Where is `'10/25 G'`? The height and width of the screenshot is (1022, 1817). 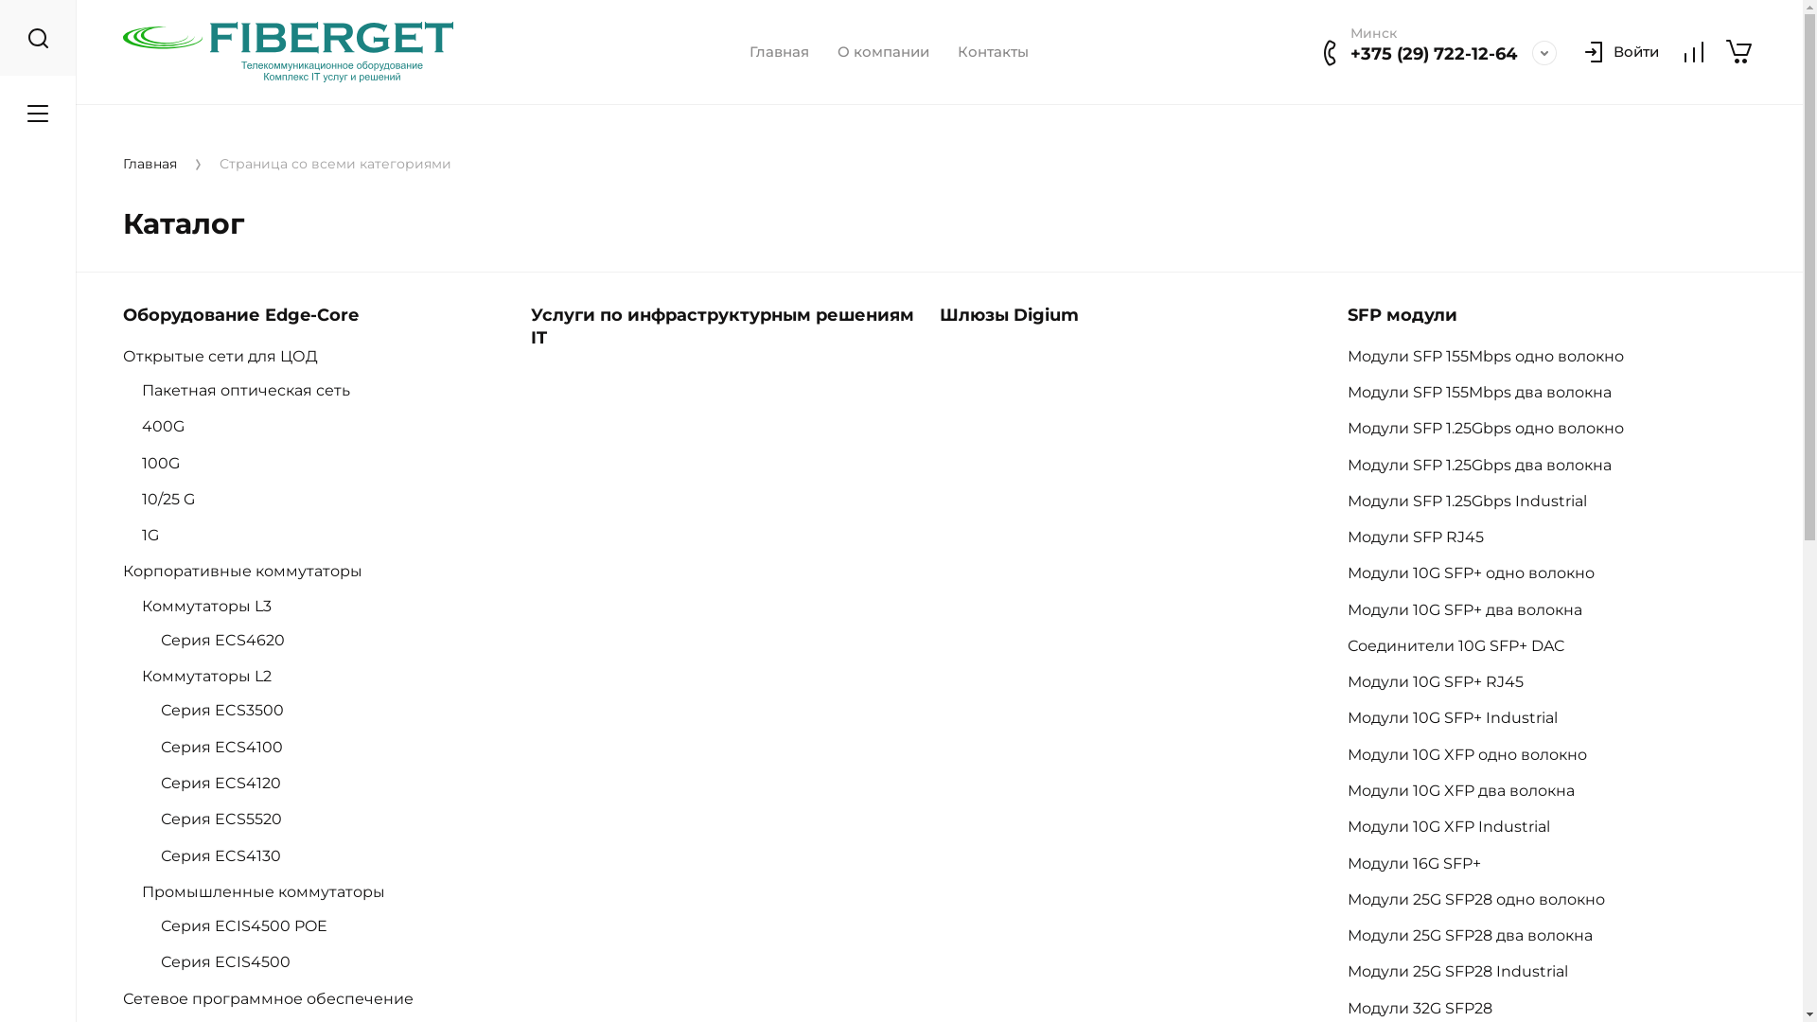
'10/25 G' is located at coordinates (177, 498).